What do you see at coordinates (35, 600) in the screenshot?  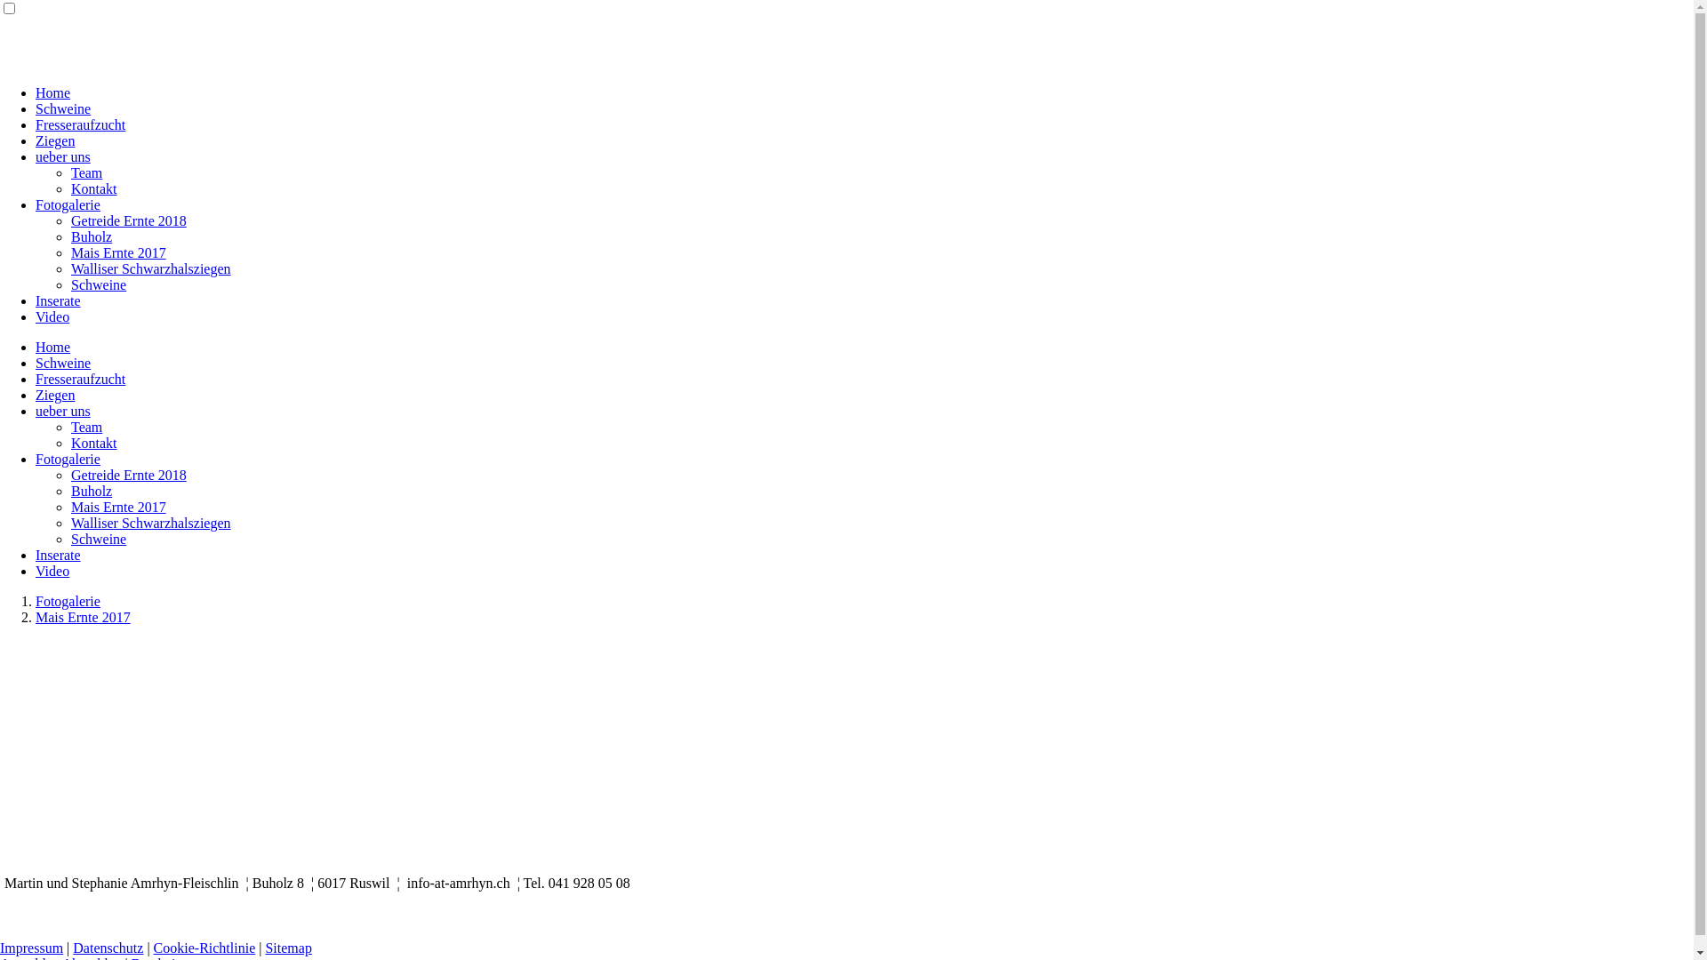 I see `'Fotogalerie'` at bounding box center [35, 600].